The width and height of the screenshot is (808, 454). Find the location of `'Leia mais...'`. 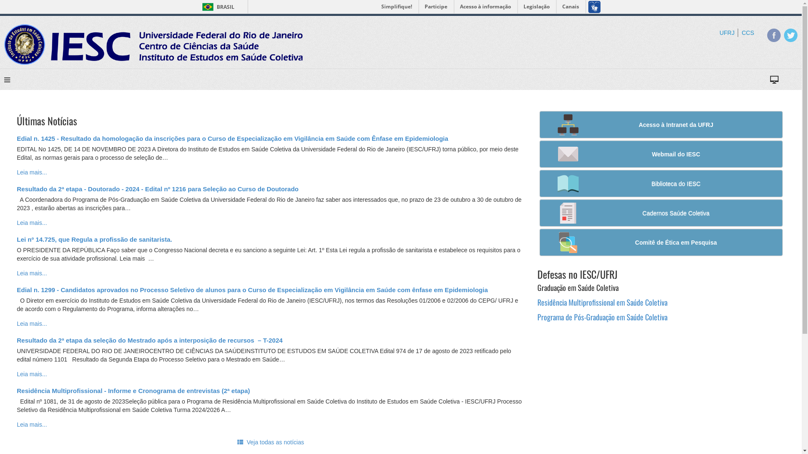

'Leia mais...' is located at coordinates (32, 323).